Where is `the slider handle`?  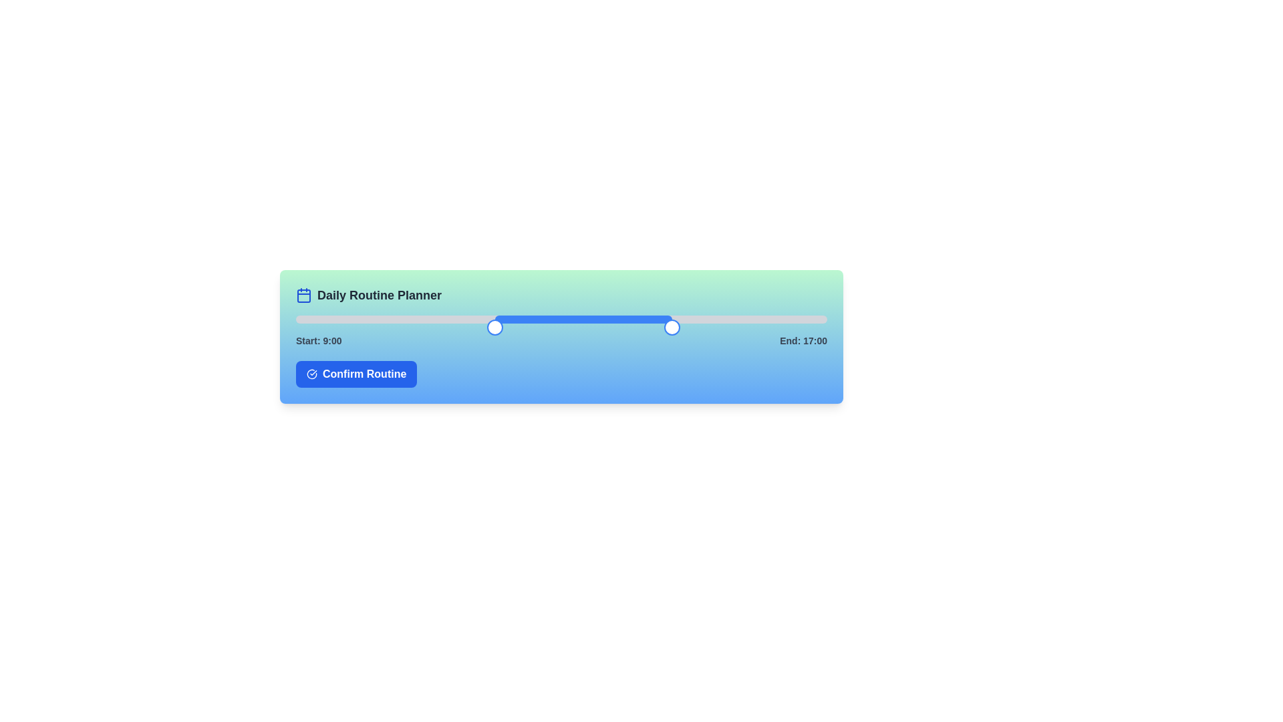
the slider handle is located at coordinates (441, 327).